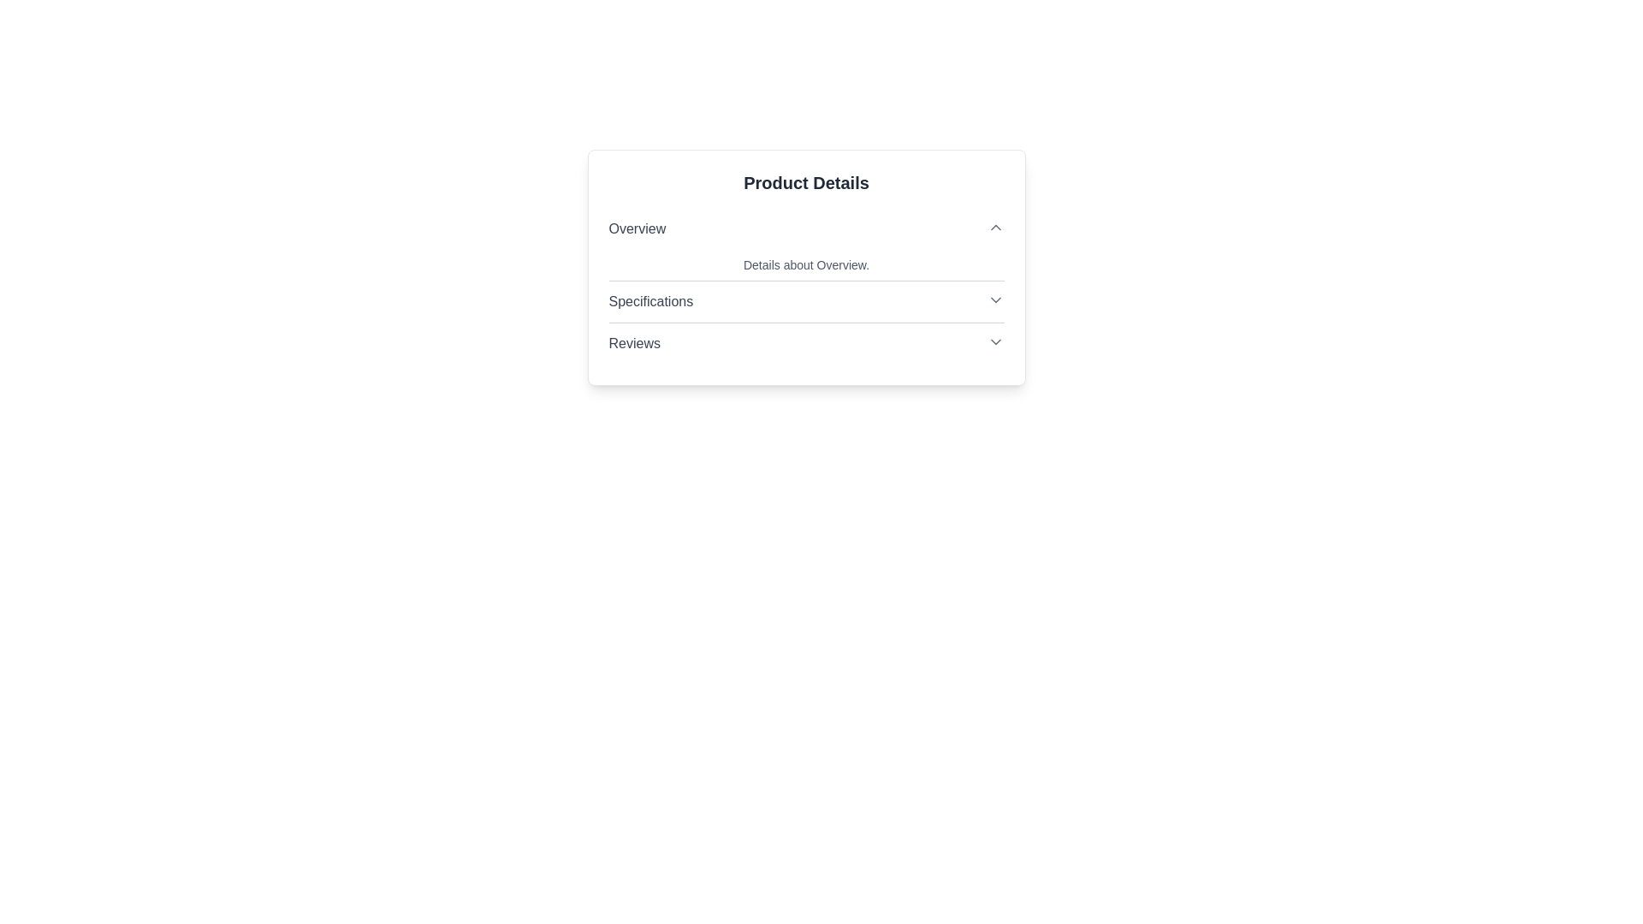  What do you see at coordinates (636, 228) in the screenshot?
I see `the static text label for the 'Overview' collapsible section located in the first row under 'Product Details'` at bounding box center [636, 228].